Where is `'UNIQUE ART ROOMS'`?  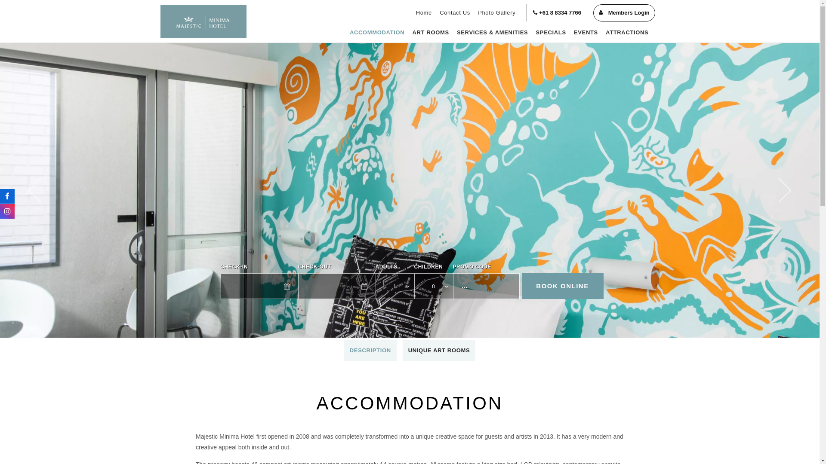 'UNIQUE ART ROOMS' is located at coordinates (402, 351).